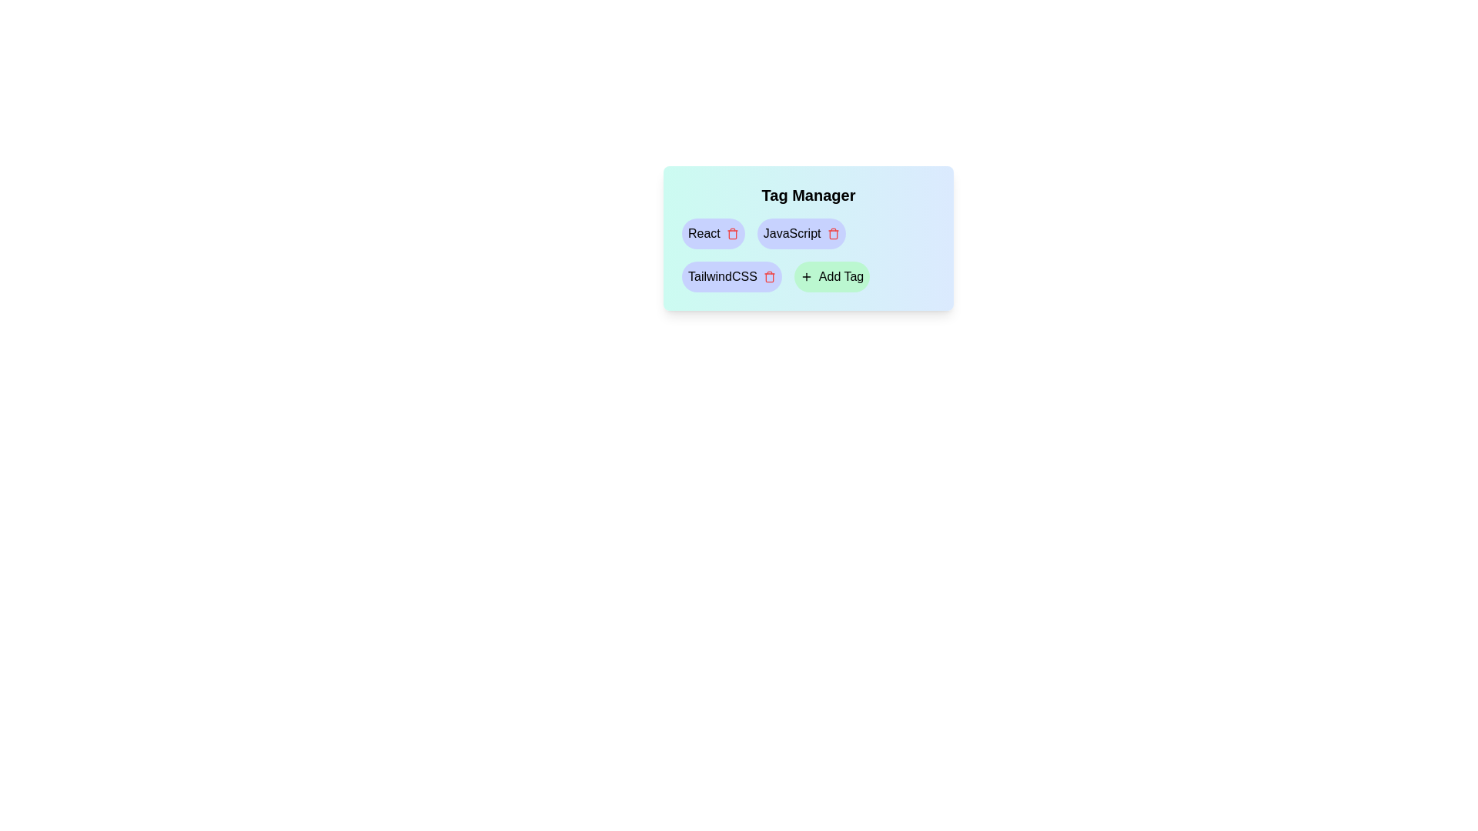  What do you see at coordinates (712, 234) in the screenshot?
I see `the React Tag to observe the hover effect` at bounding box center [712, 234].